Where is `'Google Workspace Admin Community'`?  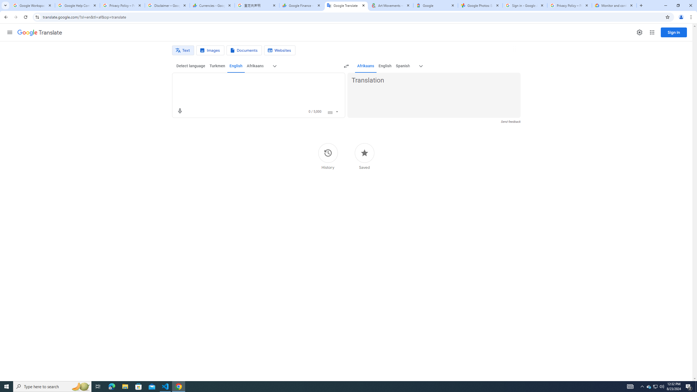
'Google Workspace Admin Community' is located at coordinates (32, 5).